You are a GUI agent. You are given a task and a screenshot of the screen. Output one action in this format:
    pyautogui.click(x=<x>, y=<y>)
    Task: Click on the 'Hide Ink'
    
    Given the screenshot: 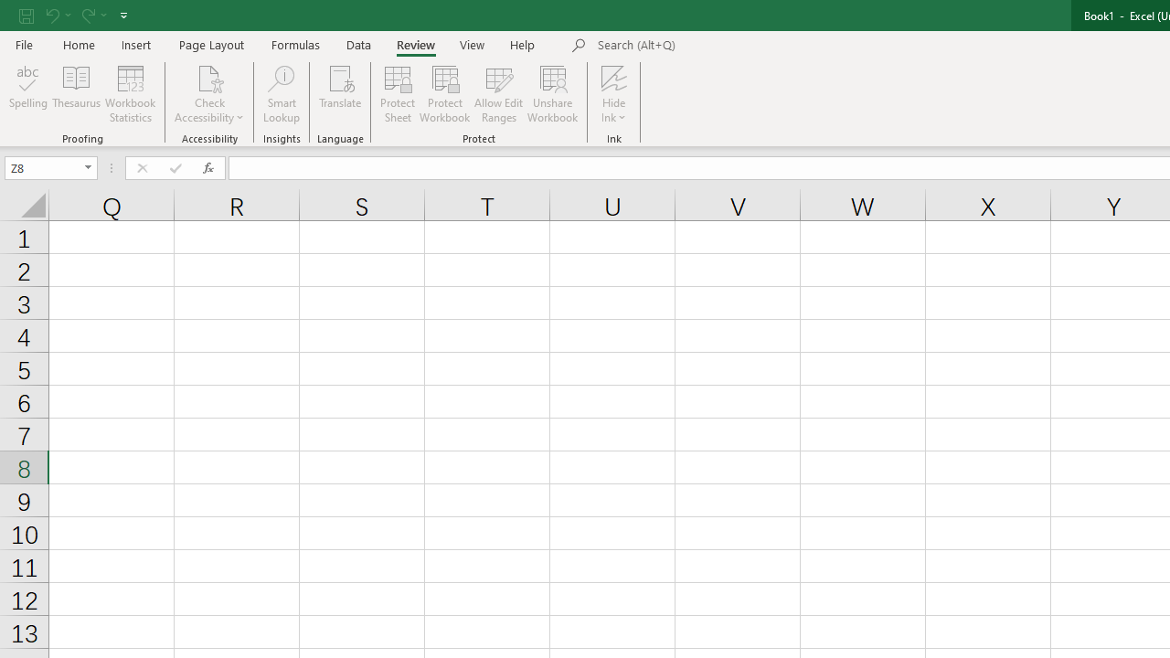 What is the action you would take?
    pyautogui.click(x=614, y=94)
    